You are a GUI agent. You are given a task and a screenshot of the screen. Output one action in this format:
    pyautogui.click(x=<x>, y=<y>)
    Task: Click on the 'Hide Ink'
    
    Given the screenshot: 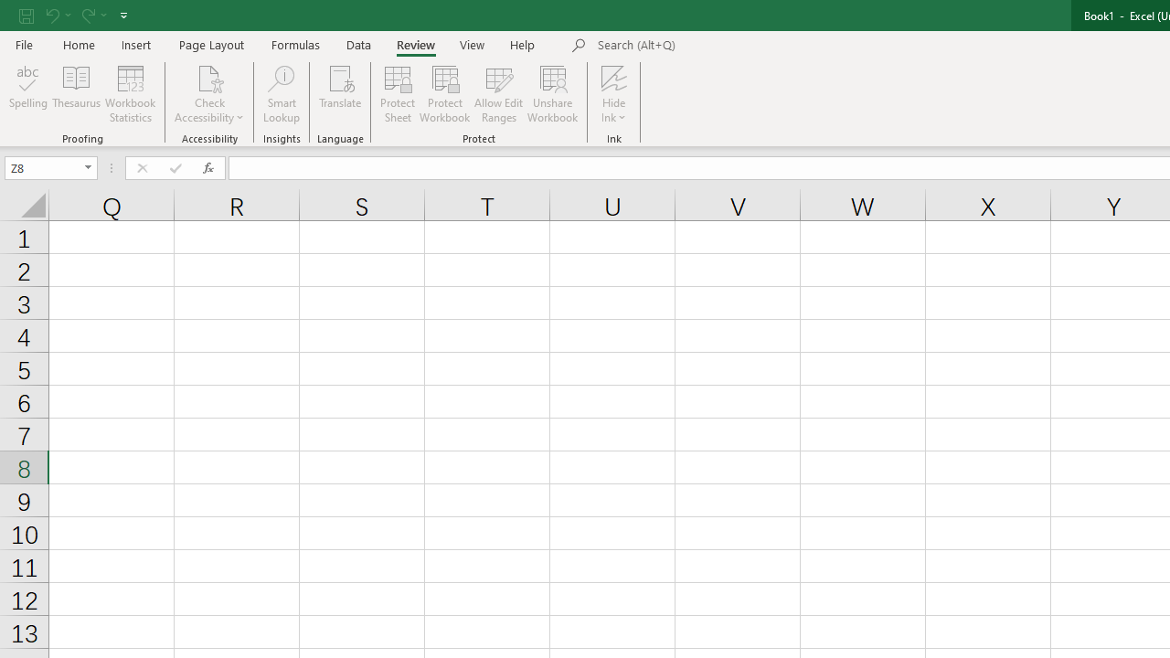 What is the action you would take?
    pyautogui.click(x=614, y=94)
    